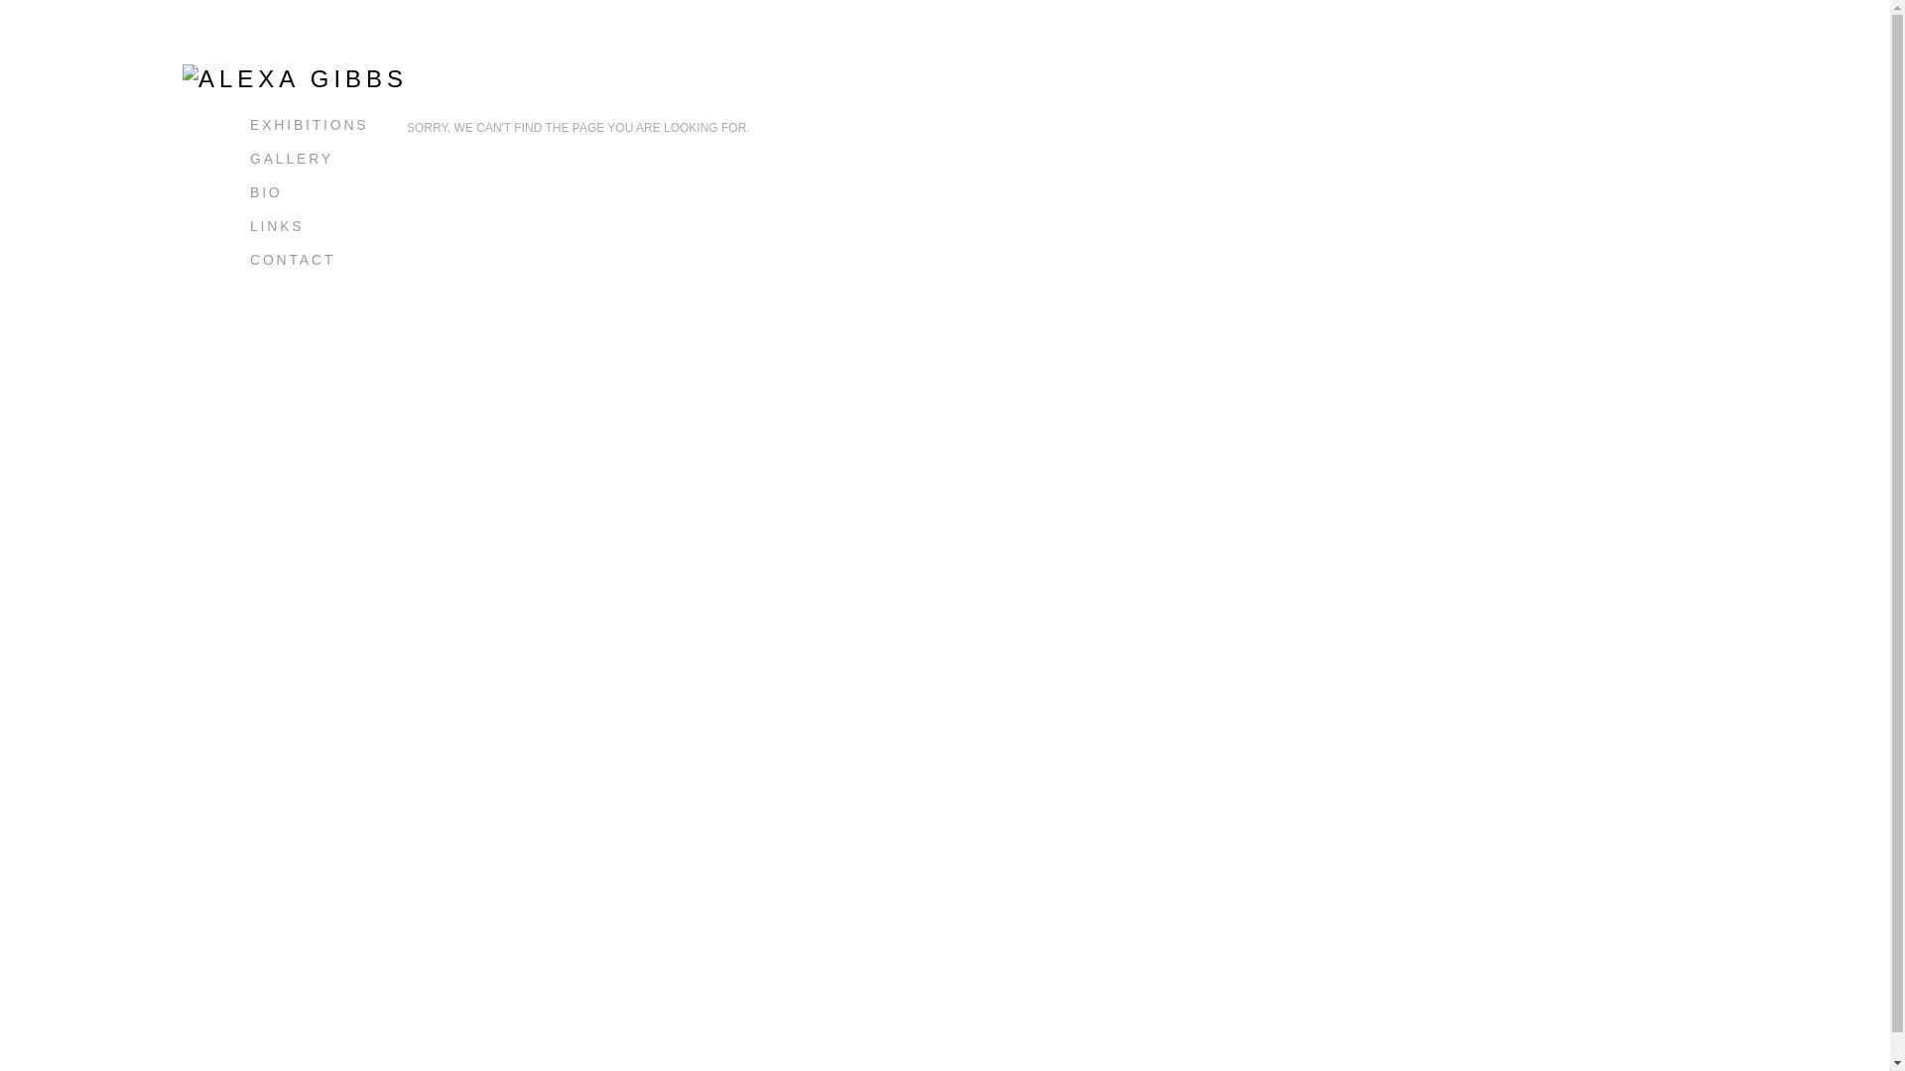 The image size is (1905, 1071). What do you see at coordinates (290, 157) in the screenshot?
I see `'GALLERY'` at bounding box center [290, 157].